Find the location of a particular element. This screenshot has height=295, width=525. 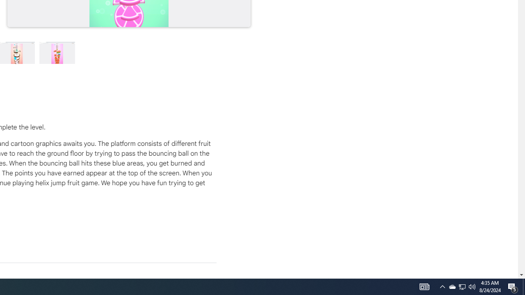

'Preview slide 4' is located at coordinates (57, 52).